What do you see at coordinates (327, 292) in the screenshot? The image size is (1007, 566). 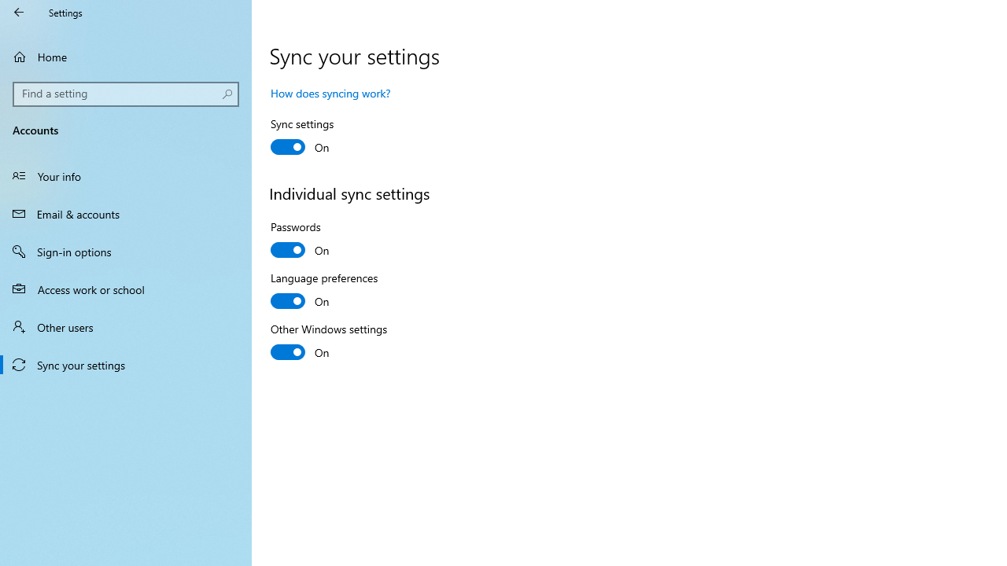 I see `'Language preferences'` at bounding box center [327, 292].